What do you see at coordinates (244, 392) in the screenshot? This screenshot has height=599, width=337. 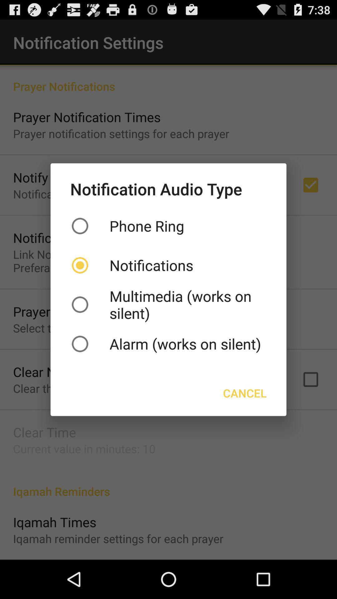 I see `cancel button` at bounding box center [244, 392].